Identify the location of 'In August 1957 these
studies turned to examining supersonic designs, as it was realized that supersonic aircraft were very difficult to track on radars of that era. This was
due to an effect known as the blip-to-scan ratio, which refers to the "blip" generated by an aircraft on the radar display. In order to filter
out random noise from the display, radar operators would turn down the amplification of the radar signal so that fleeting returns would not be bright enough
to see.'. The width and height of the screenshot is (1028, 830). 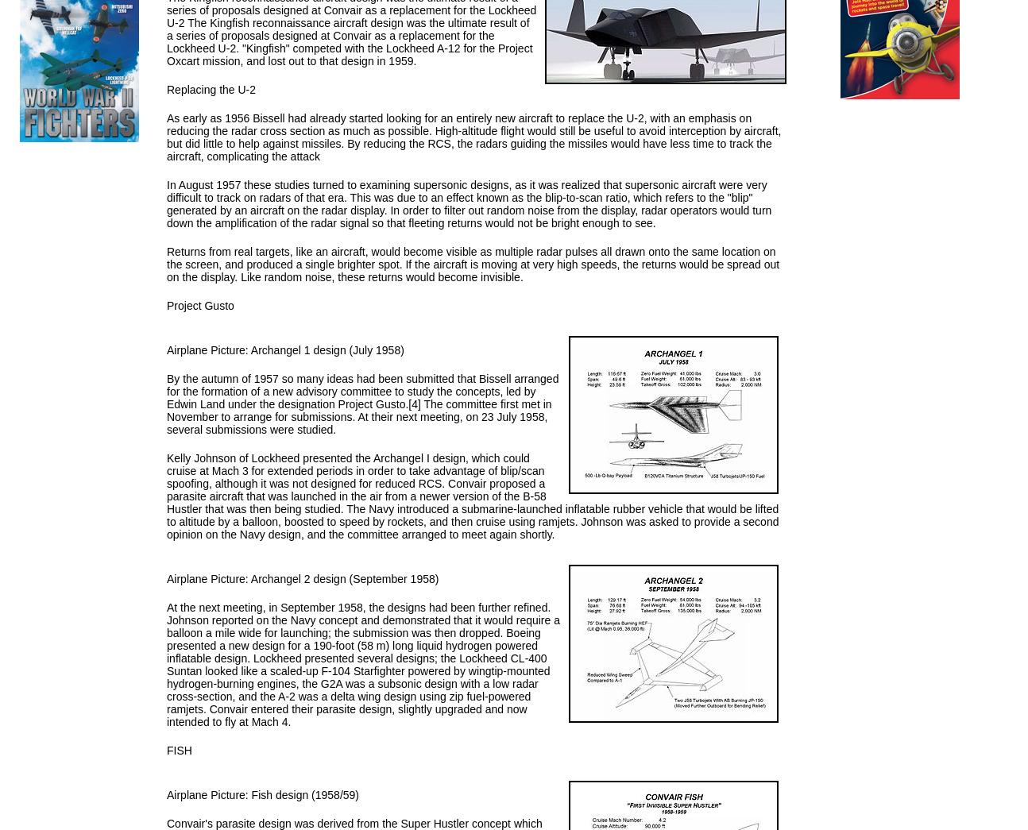
(469, 203).